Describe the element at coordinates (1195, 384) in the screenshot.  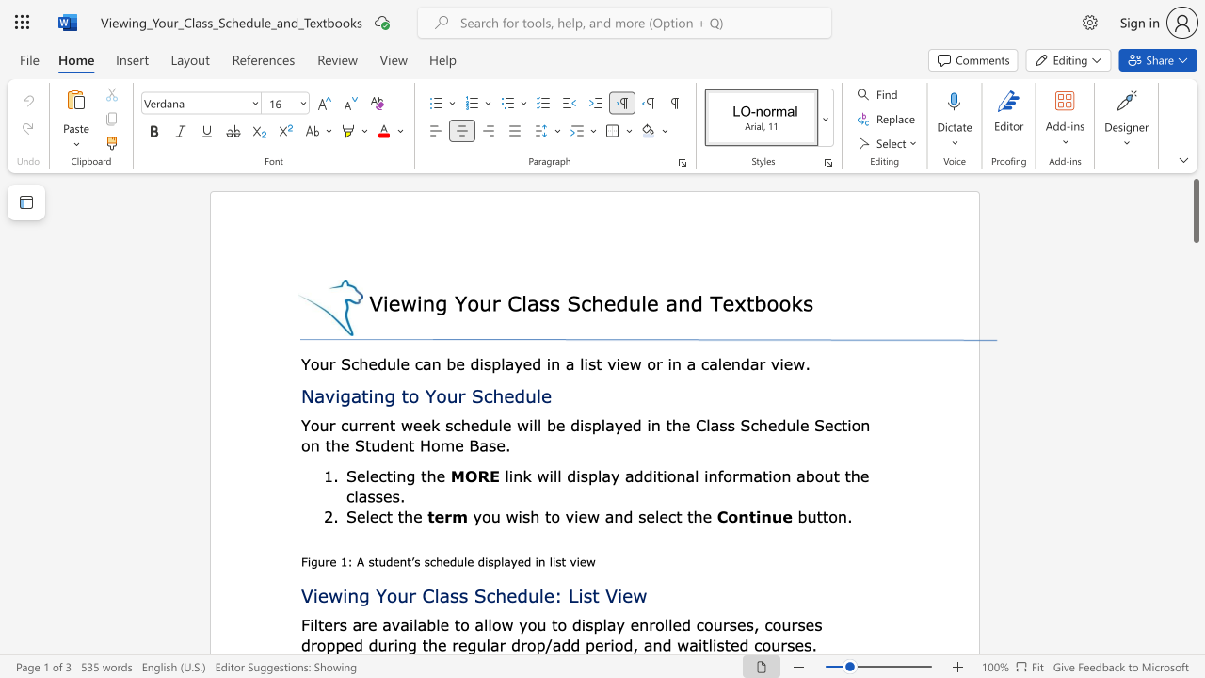
I see `the vertical scrollbar to lower the page content` at that location.